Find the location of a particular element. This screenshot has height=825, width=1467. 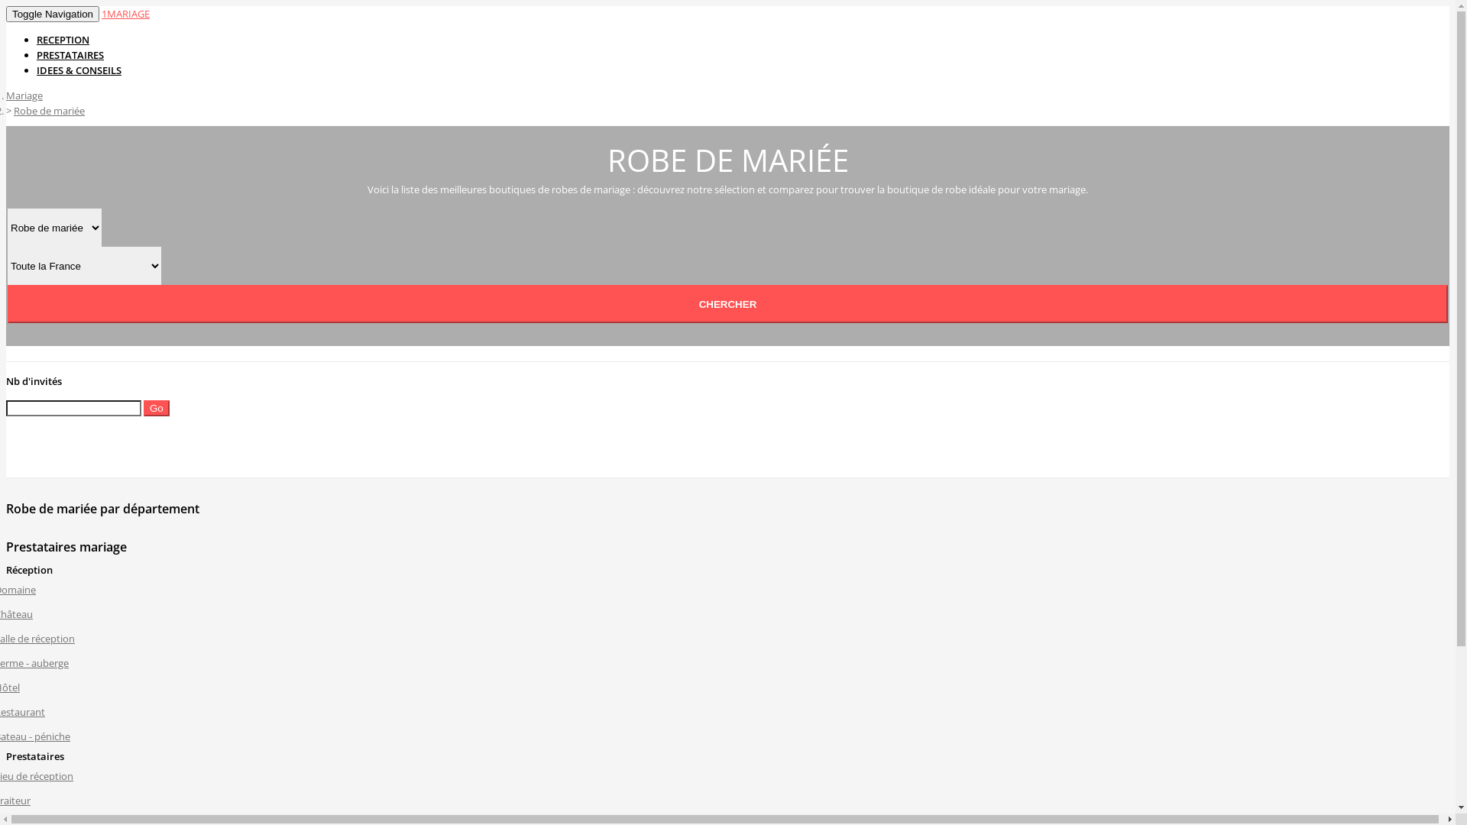

'Toggle Navigation' is located at coordinates (52, 14).